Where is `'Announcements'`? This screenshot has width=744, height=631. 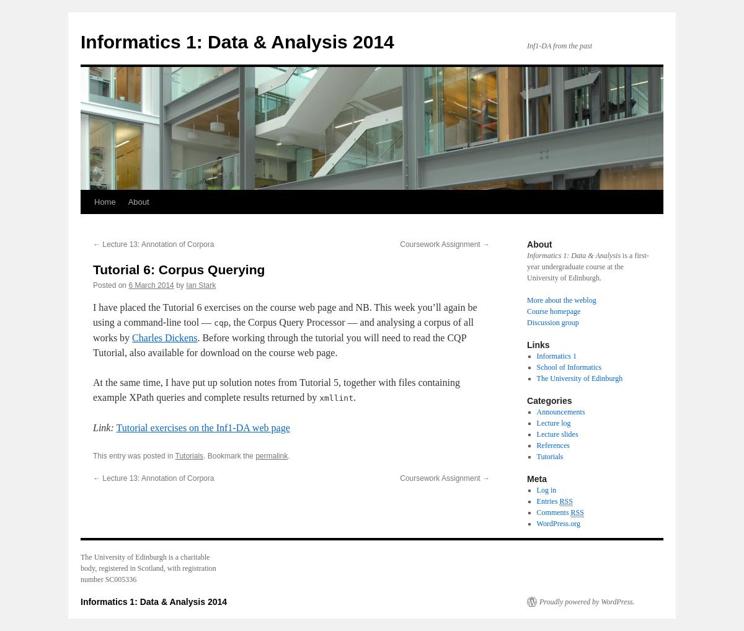
'Announcements' is located at coordinates (535, 411).